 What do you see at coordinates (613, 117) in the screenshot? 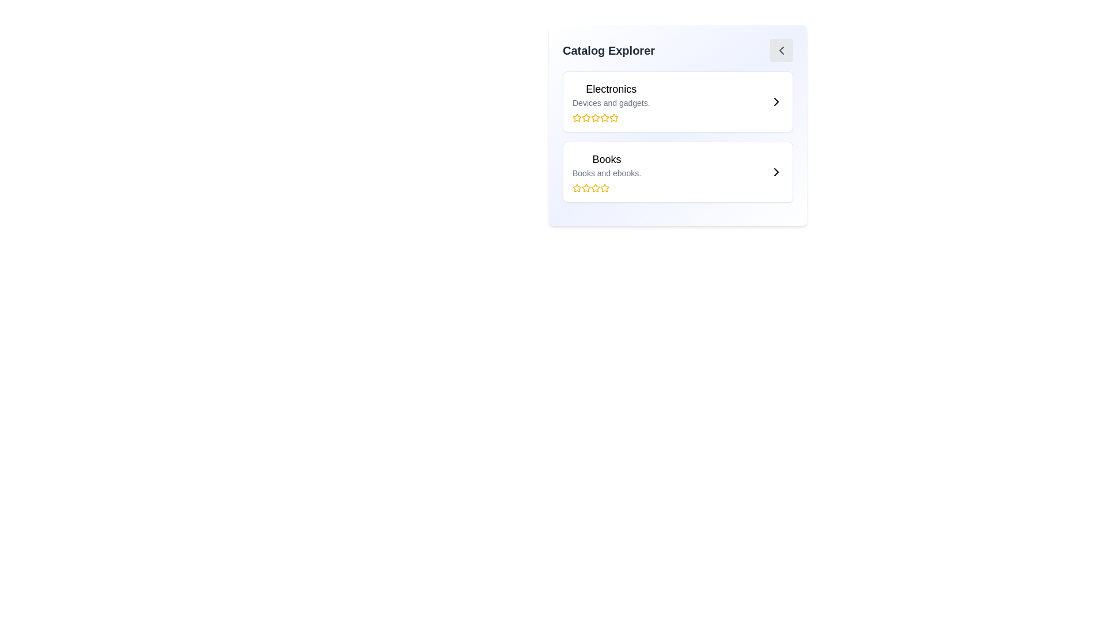
I see `the fourth Rating Star Icon in the row of stars below the text 'Electronics' and 'Devices and gadgets.'` at bounding box center [613, 117].